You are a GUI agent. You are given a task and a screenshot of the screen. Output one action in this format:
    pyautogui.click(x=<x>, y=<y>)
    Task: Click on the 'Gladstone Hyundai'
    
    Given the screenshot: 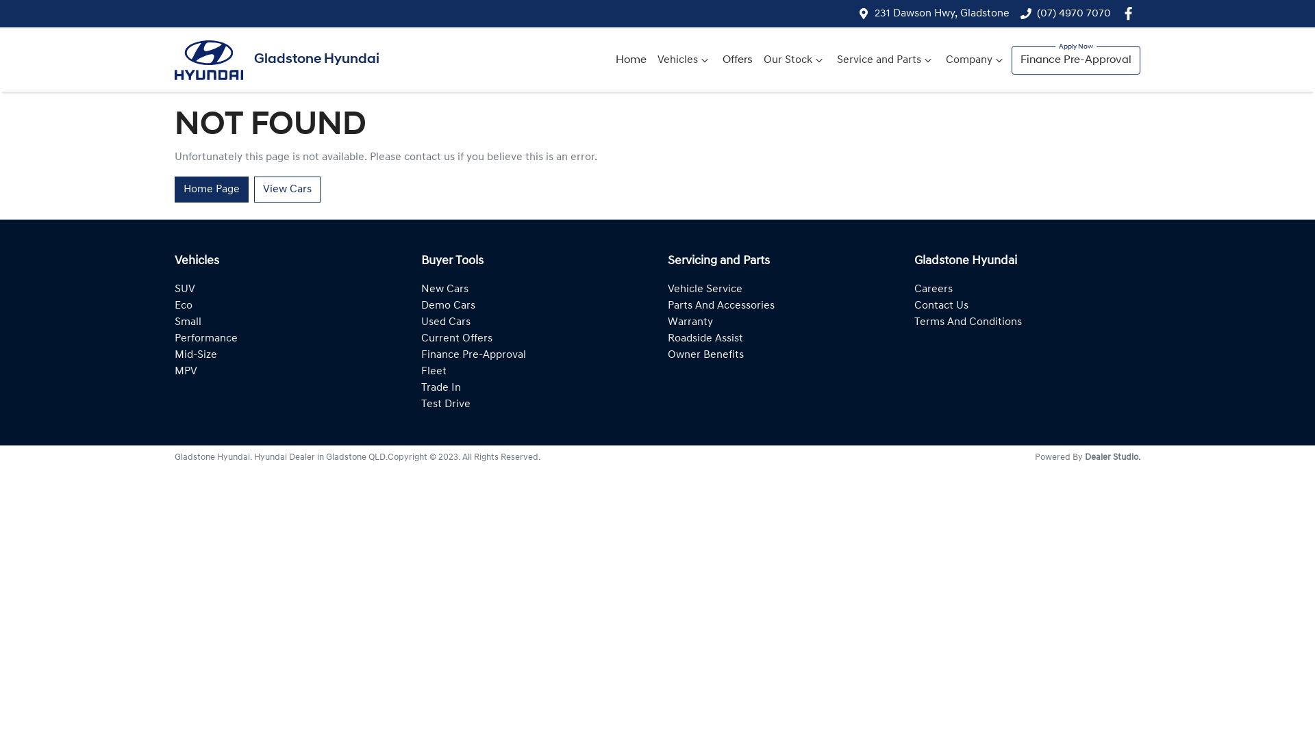 What is the action you would take?
    pyautogui.click(x=276, y=60)
    